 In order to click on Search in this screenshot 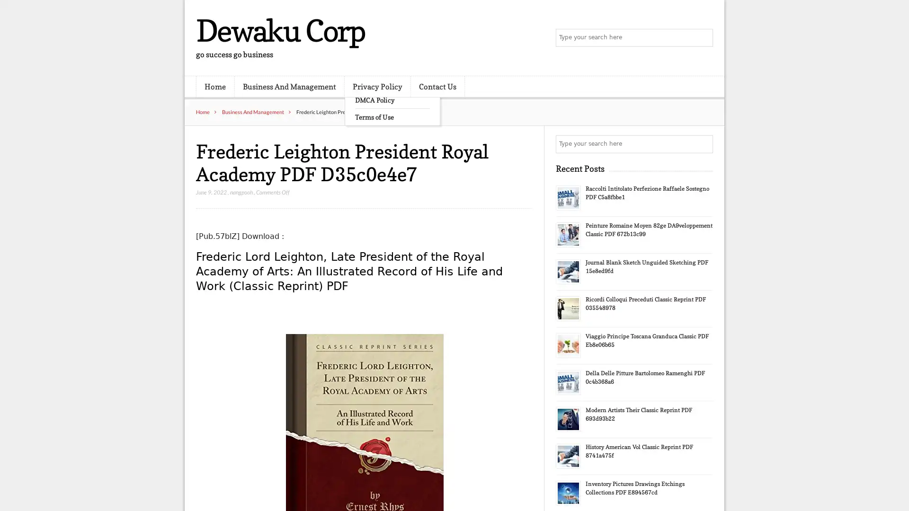, I will do `click(703, 38)`.